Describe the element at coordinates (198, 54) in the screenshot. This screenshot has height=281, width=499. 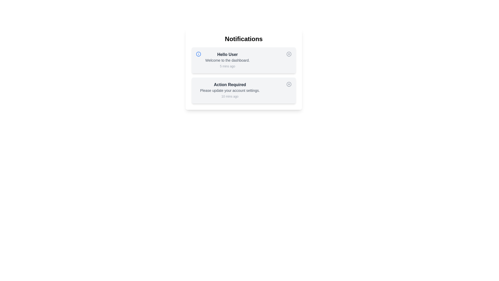
I see `the circular blue and red 'info' icon located to the left of the text 'Hello User' in the first notification card` at that location.